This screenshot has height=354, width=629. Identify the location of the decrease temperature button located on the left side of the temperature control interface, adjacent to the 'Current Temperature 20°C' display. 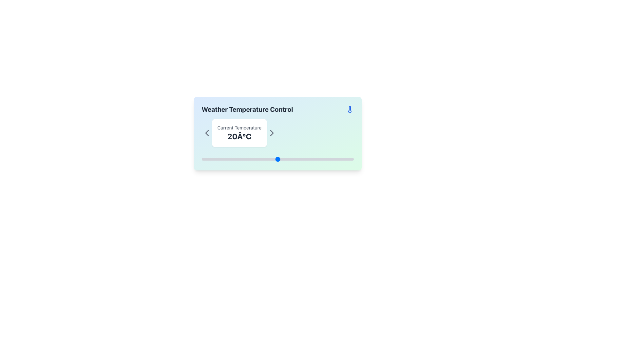
(206, 133).